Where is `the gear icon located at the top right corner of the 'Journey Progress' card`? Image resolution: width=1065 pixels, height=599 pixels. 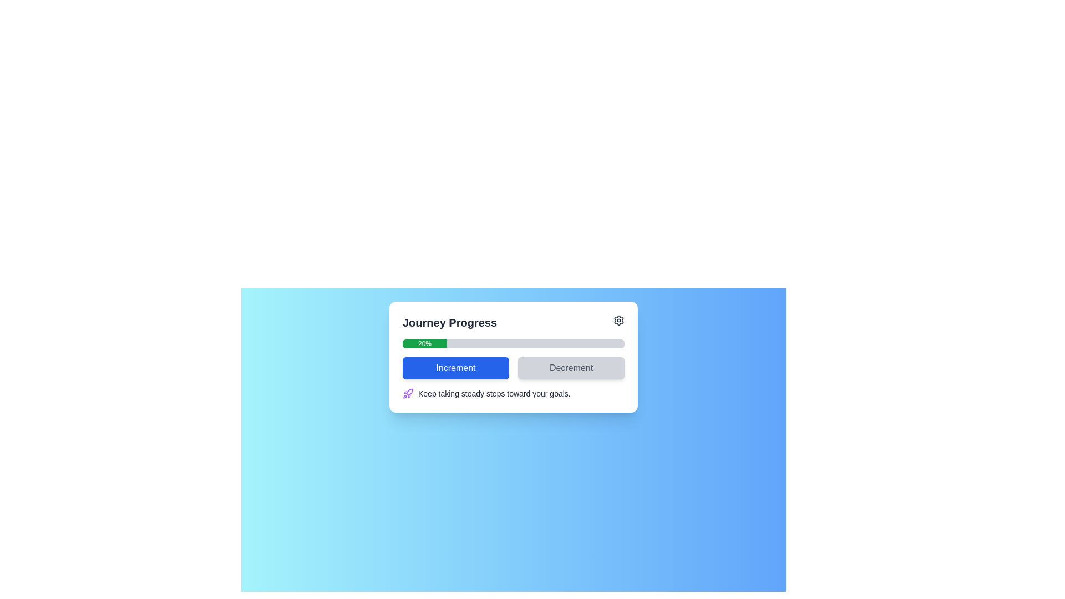
the gear icon located at the top right corner of the 'Journey Progress' card is located at coordinates (618, 321).